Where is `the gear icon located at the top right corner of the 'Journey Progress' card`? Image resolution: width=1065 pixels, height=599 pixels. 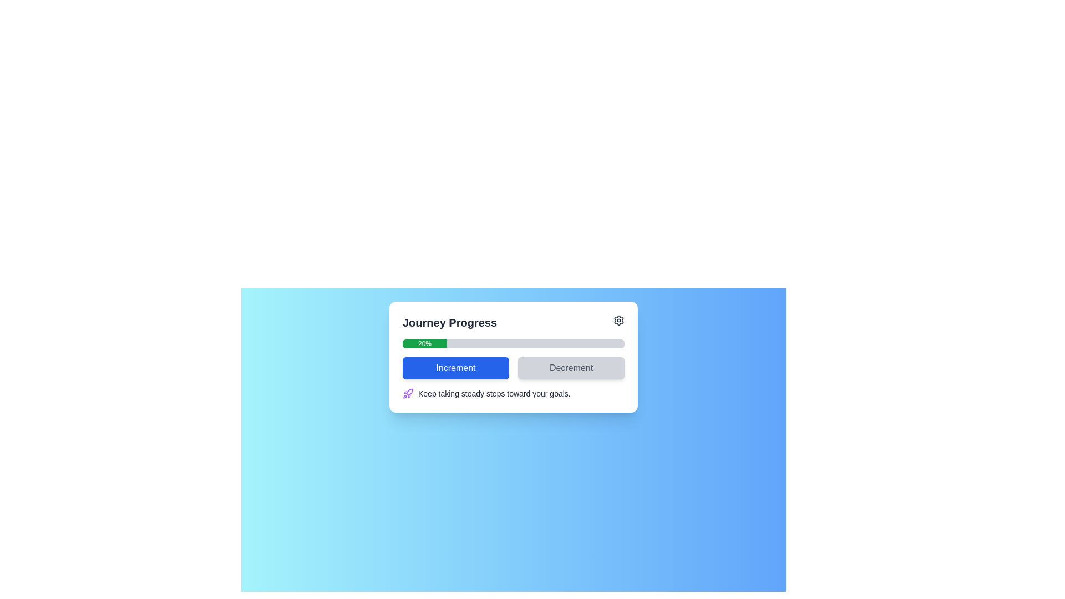
the gear icon located at the top right corner of the 'Journey Progress' card is located at coordinates (618, 321).